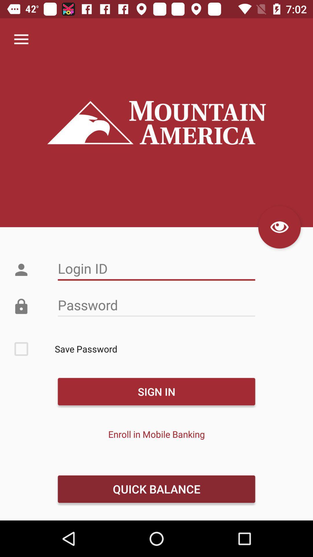 The width and height of the screenshot is (313, 557). Describe the element at coordinates (156, 391) in the screenshot. I see `the sign in` at that location.